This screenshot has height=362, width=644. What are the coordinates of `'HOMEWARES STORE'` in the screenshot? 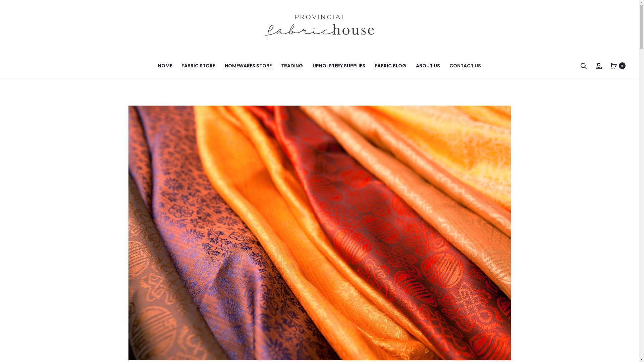 It's located at (248, 66).